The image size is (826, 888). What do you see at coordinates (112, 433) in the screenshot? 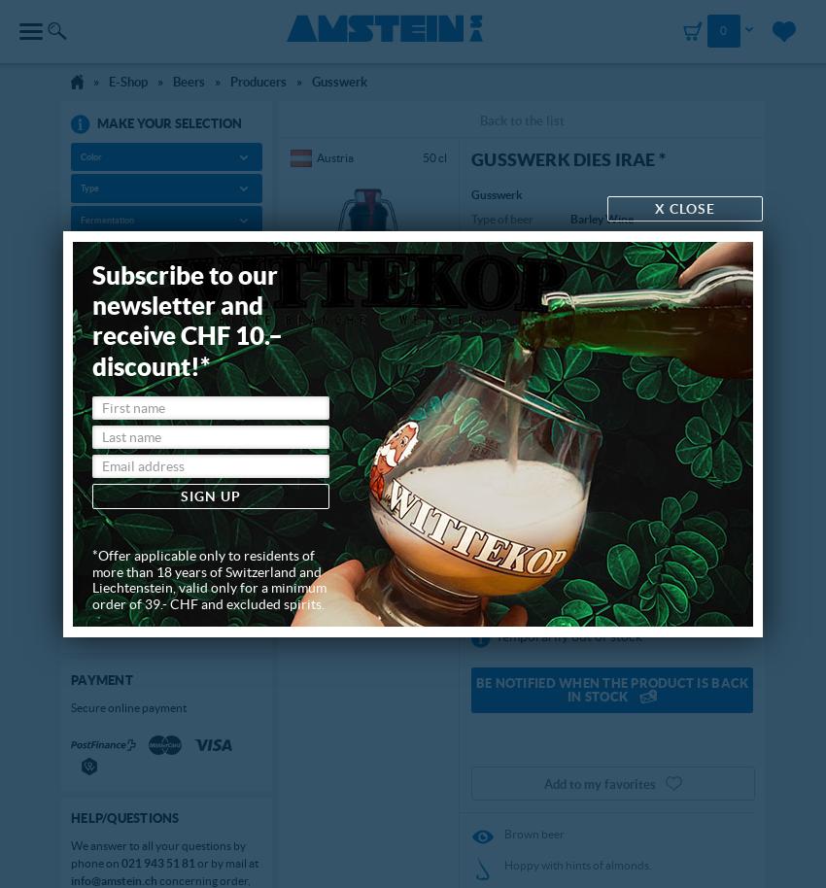
I see `'New Arrivals'` at bounding box center [112, 433].